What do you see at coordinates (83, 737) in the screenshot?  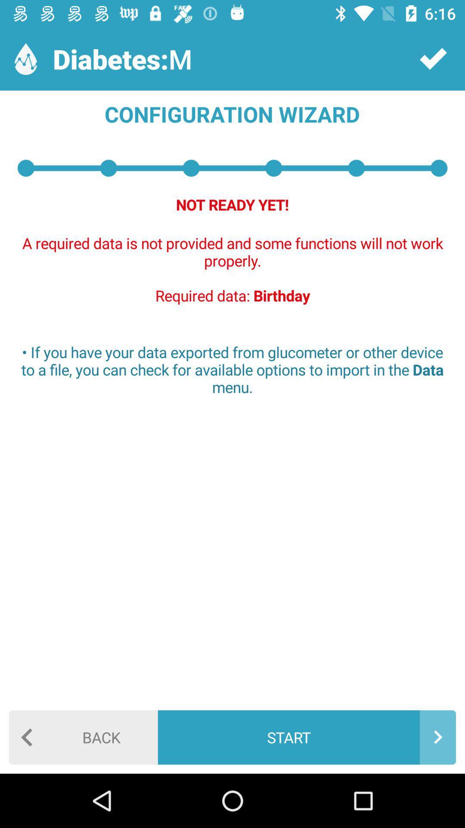 I see `icon below if you have item` at bounding box center [83, 737].